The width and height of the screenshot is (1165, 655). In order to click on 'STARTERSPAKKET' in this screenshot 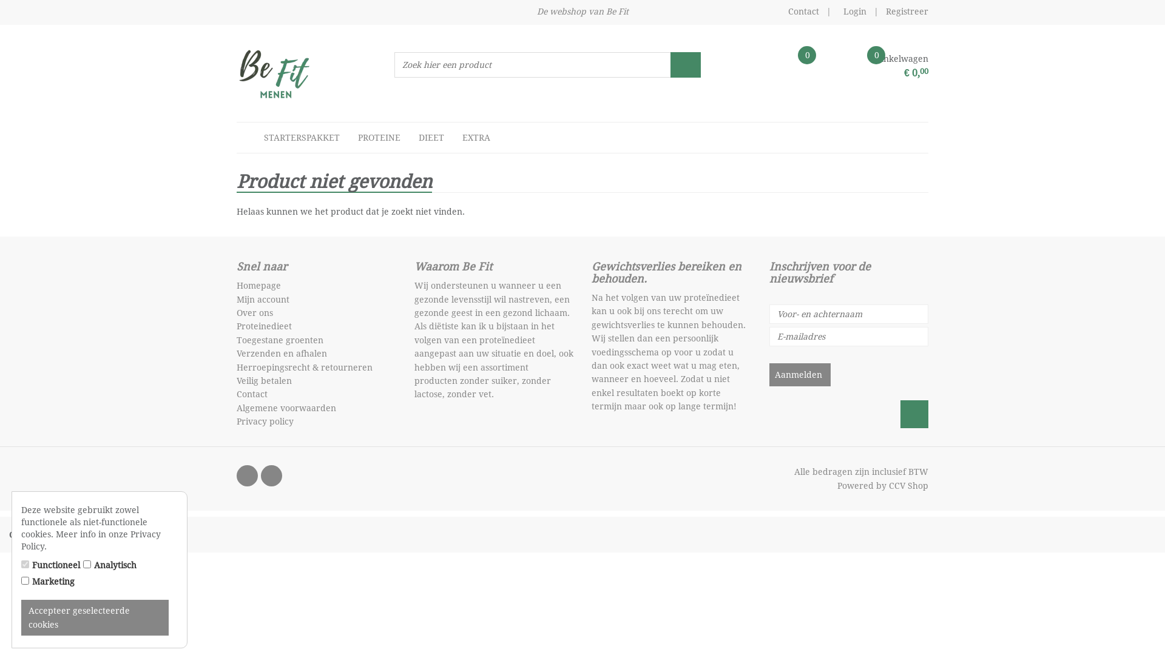, I will do `click(302, 137)`.